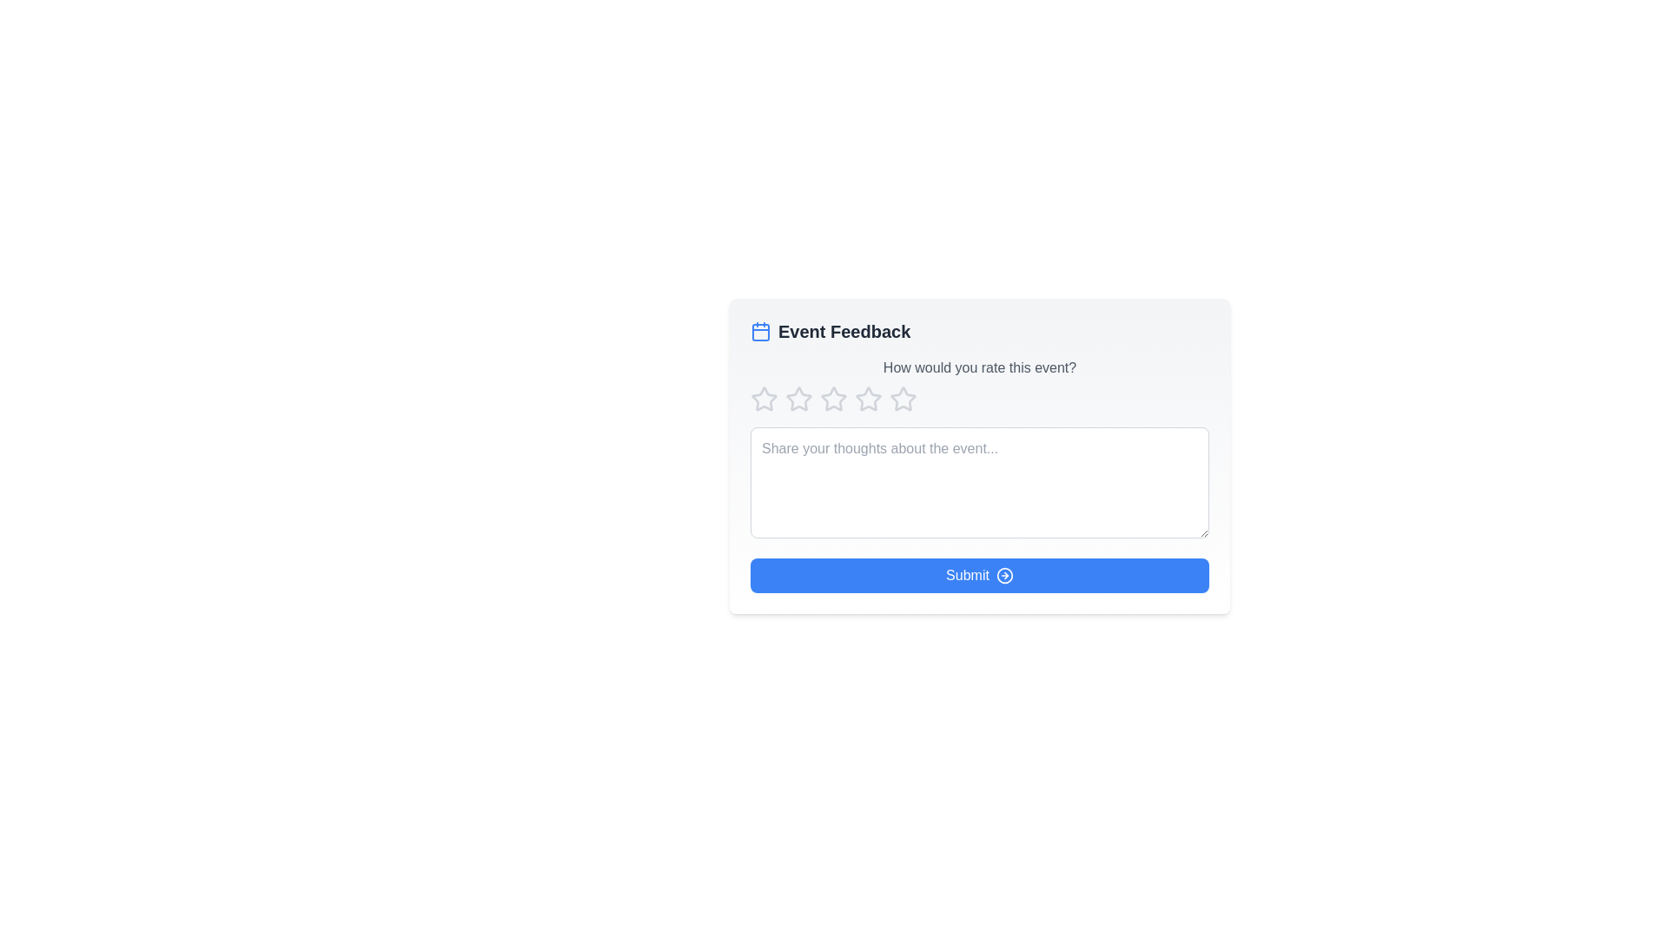  What do you see at coordinates (832, 399) in the screenshot?
I see `the second star icon in the rating system` at bounding box center [832, 399].